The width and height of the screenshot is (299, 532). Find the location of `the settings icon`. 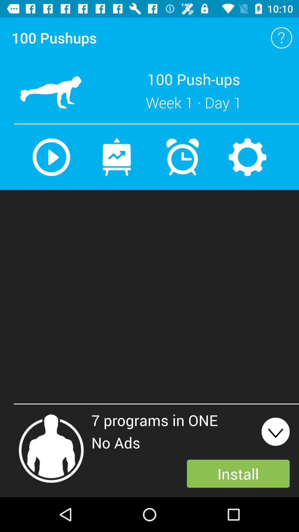

the settings icon is located at coordinates (247, 157).